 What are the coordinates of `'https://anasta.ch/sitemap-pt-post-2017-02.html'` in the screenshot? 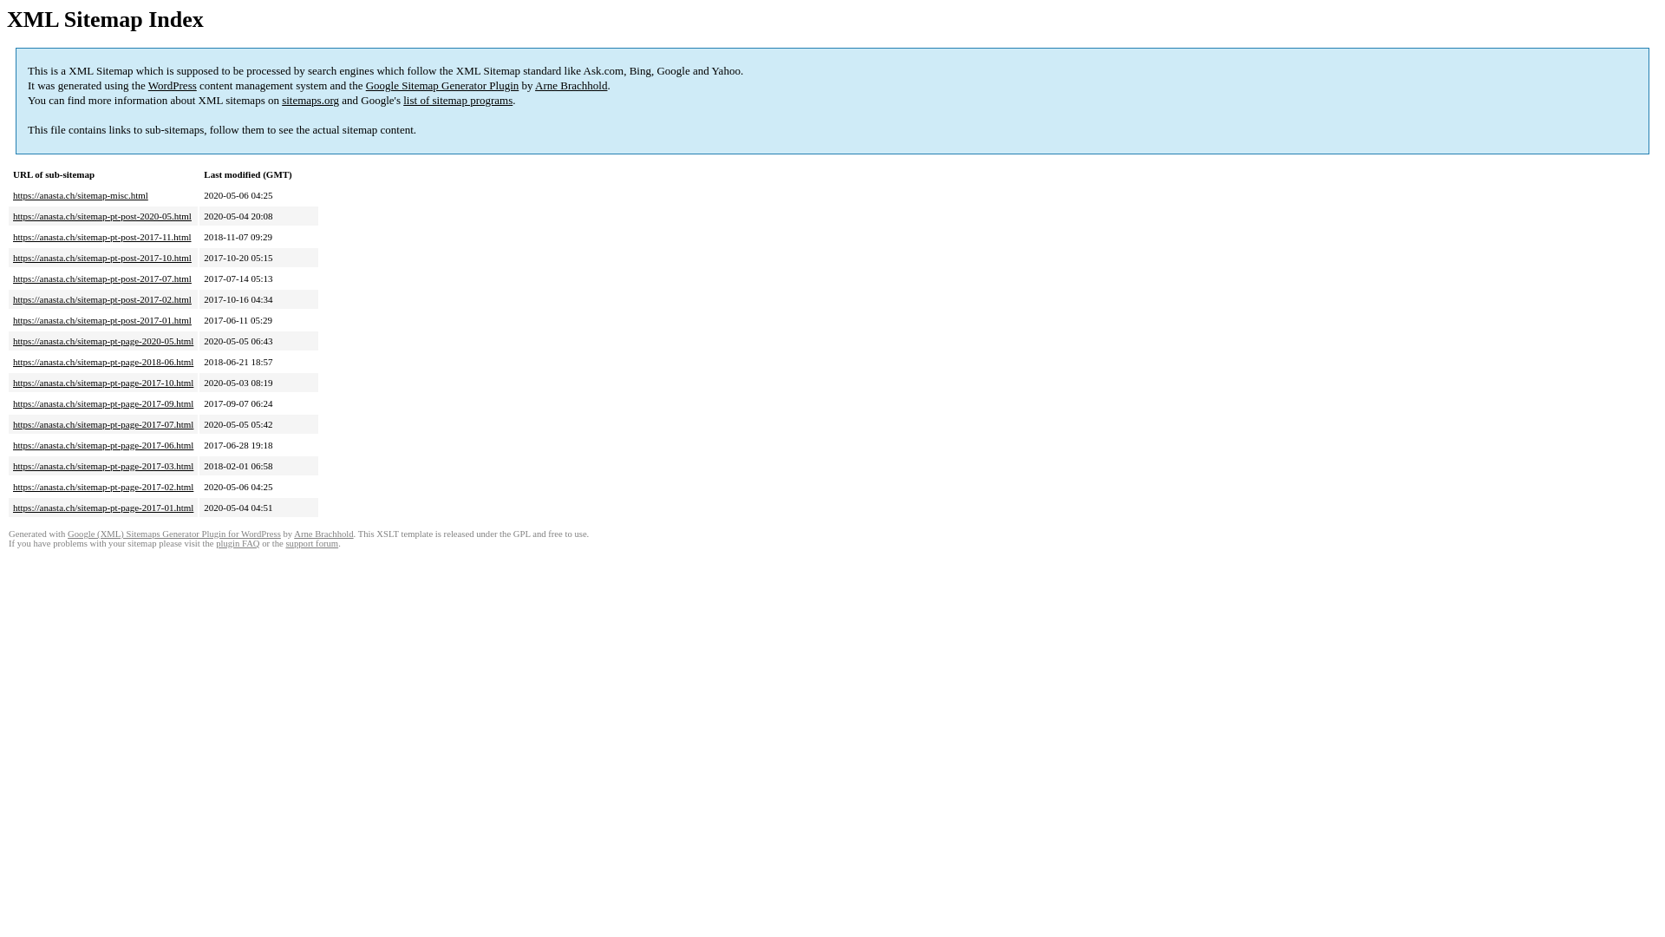 It's located at (101, 298).